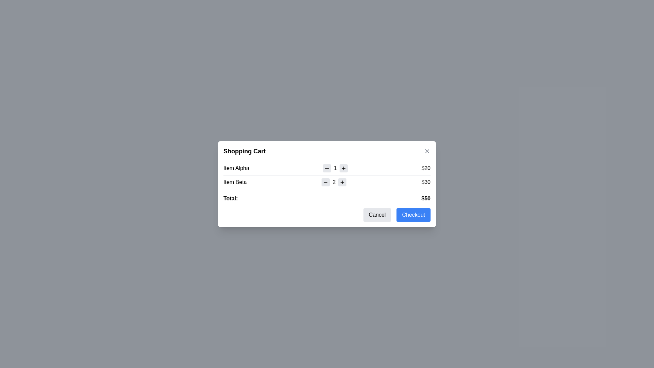  Describe the element at coordinates (342, 182) in the screenshot. I see `the increment button styled with a light gray background and a plus icon, located to the right of the quantity text '2' in the shopping cart layout` at that location.